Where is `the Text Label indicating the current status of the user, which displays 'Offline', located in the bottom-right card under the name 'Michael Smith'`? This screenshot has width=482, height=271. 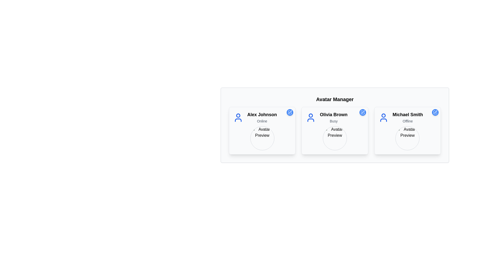
the Text Label indicating the current status of the user, which displays 'Offline', located in the bottom-right card under the name 'Michael Smith' is located at coordinates (408, 121).